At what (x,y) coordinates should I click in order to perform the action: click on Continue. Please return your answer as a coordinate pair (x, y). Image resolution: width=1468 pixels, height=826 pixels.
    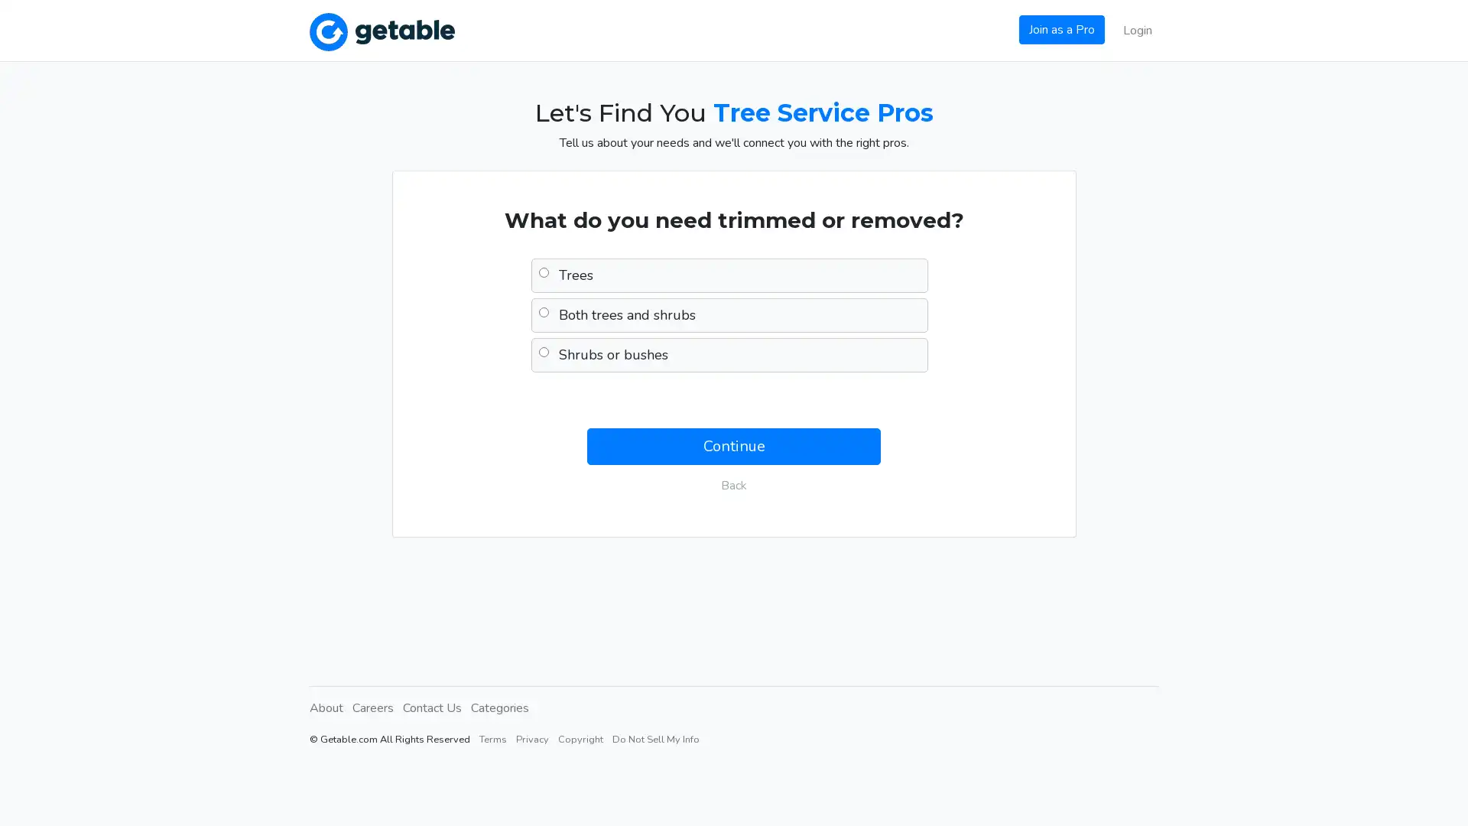
    Looking at the image, I should click on (732, 446).